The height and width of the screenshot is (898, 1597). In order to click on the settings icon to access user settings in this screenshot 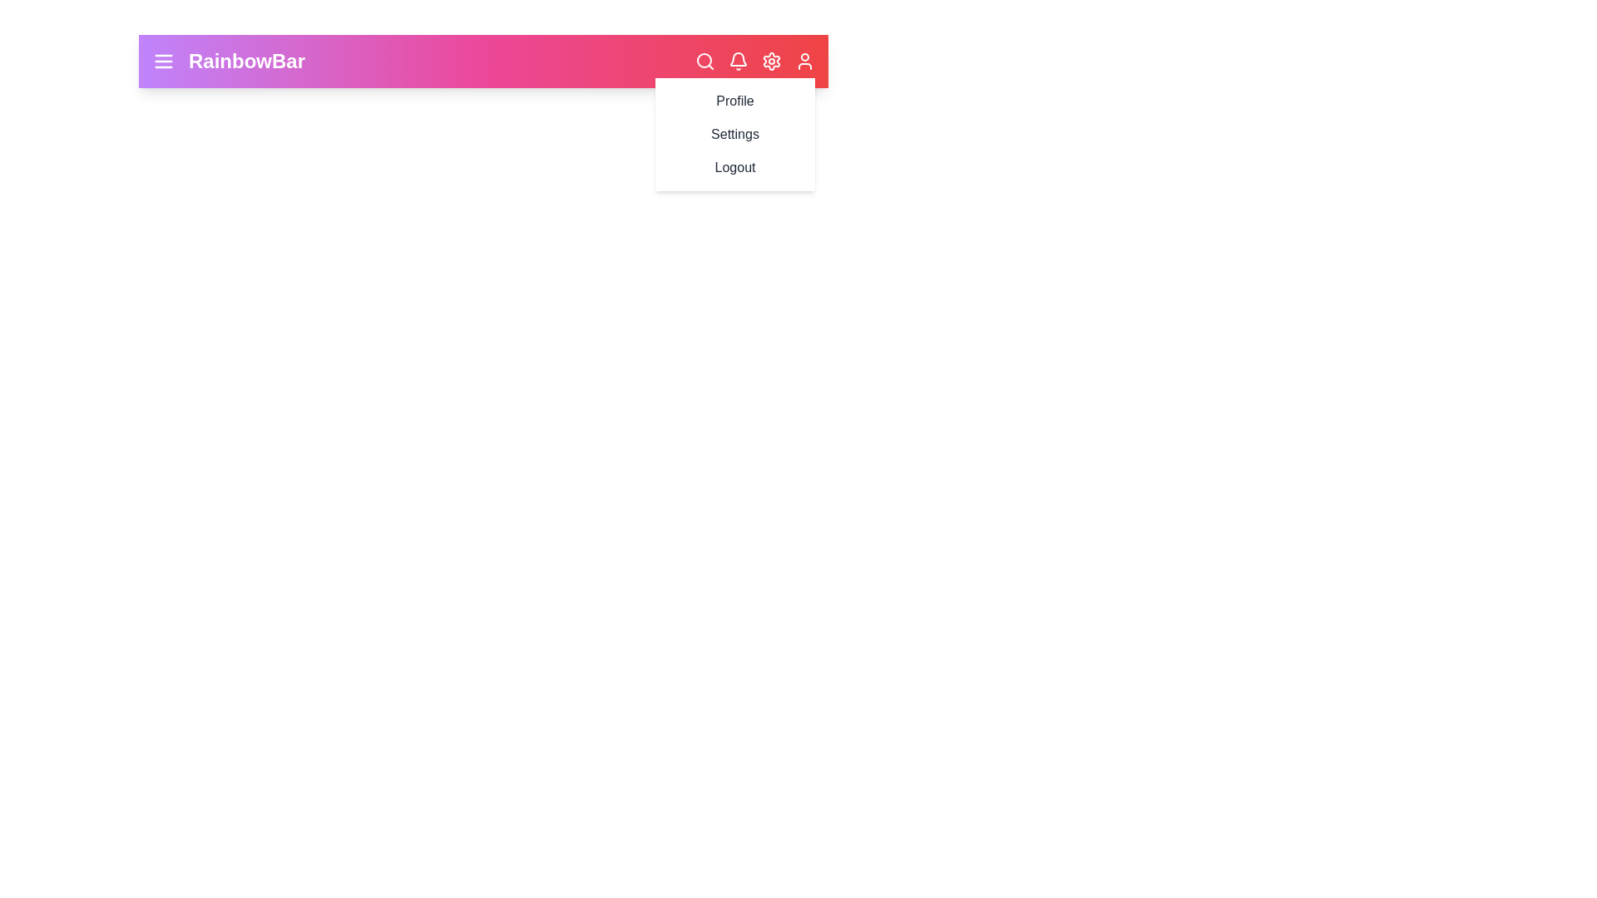, I will do `click(770, 60)`.